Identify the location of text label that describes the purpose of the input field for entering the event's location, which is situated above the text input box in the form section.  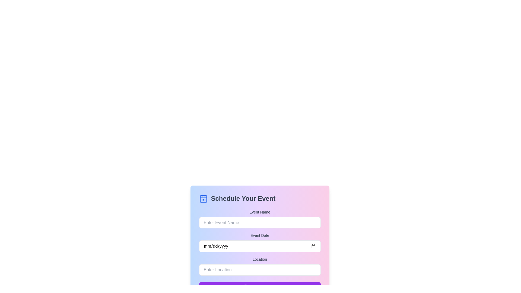
(259, 259).